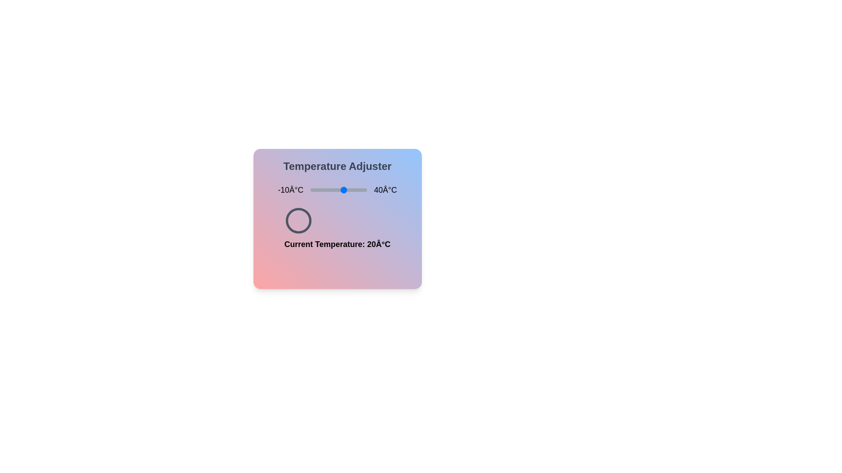  Describe the element at coordinates (324, 190) in the screenshot. I see `the temperature slider to 2°C` at that location.